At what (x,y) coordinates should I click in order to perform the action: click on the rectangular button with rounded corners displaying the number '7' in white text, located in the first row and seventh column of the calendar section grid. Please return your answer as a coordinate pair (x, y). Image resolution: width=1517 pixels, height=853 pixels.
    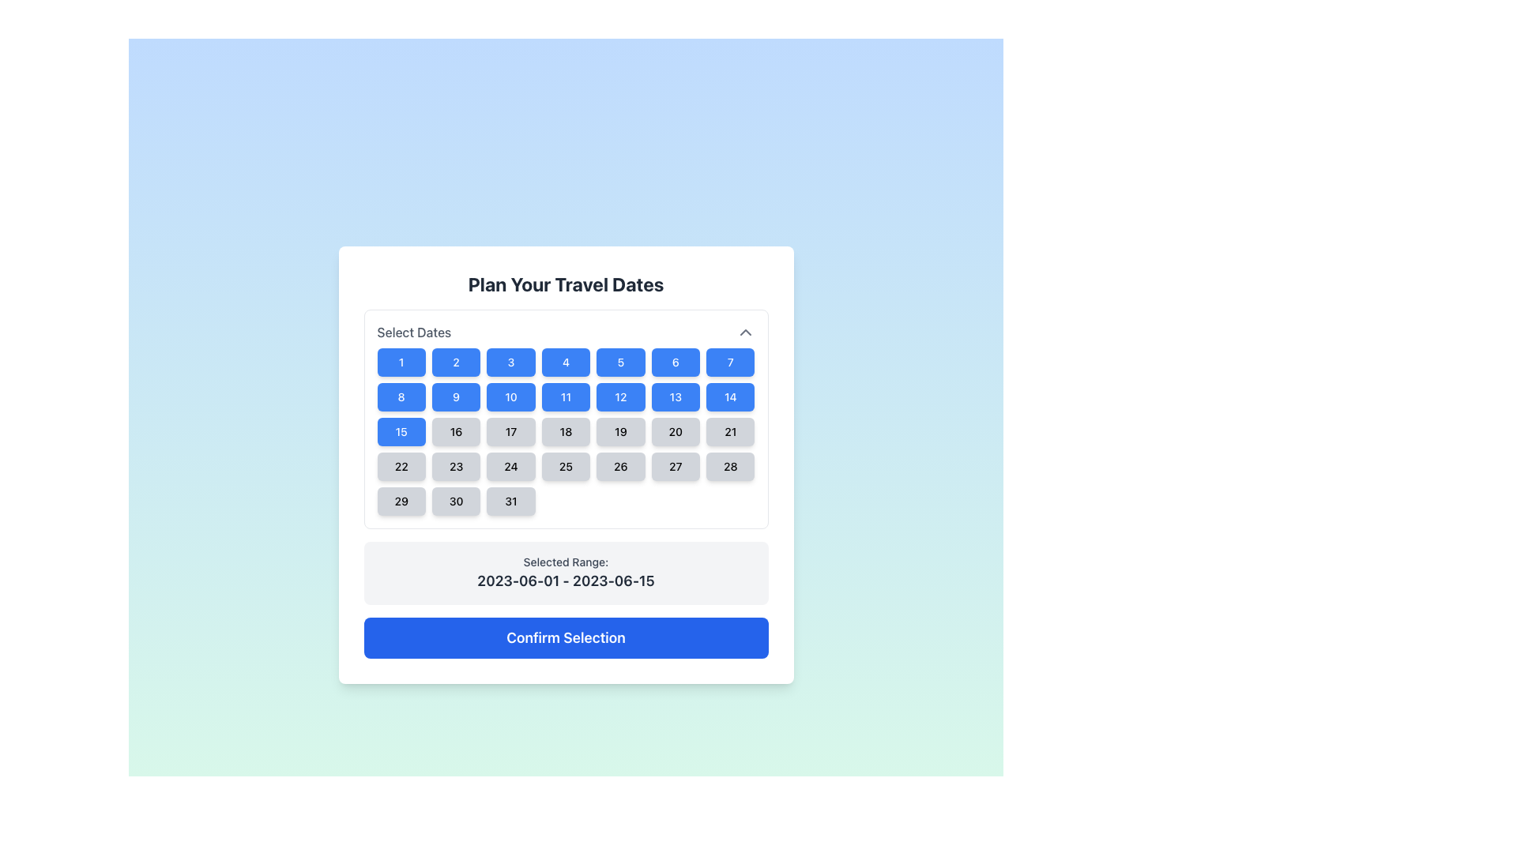
    Looking at the image, I should click on (729, 363).